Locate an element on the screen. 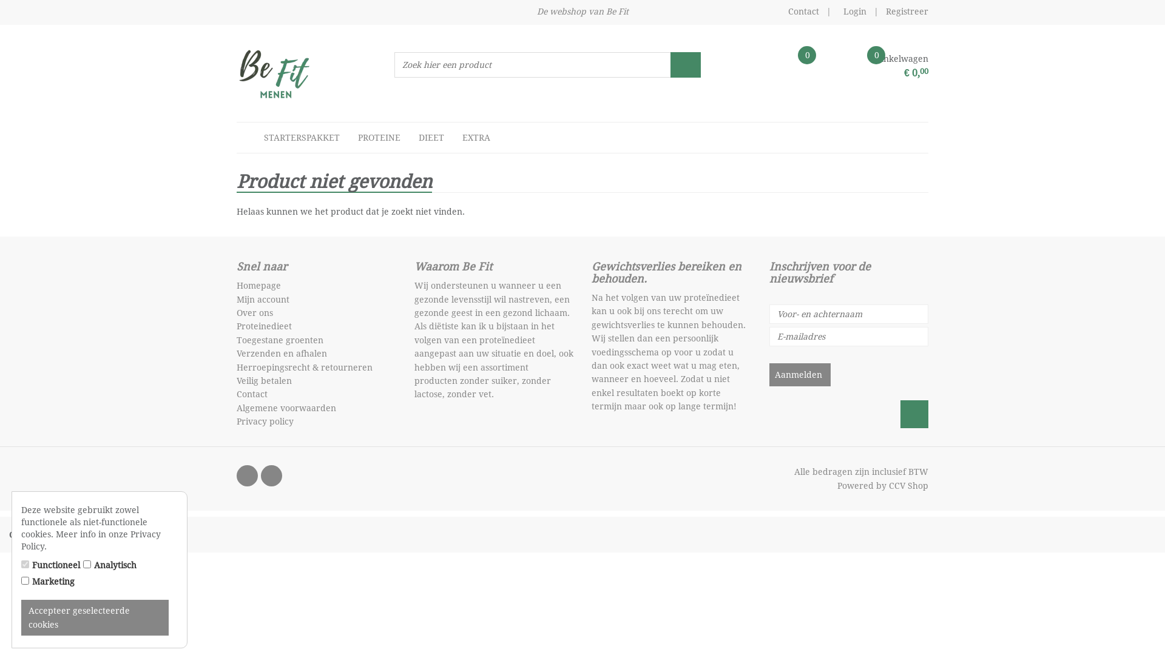  'PROTEINE' is located at coordinates (348, 137).